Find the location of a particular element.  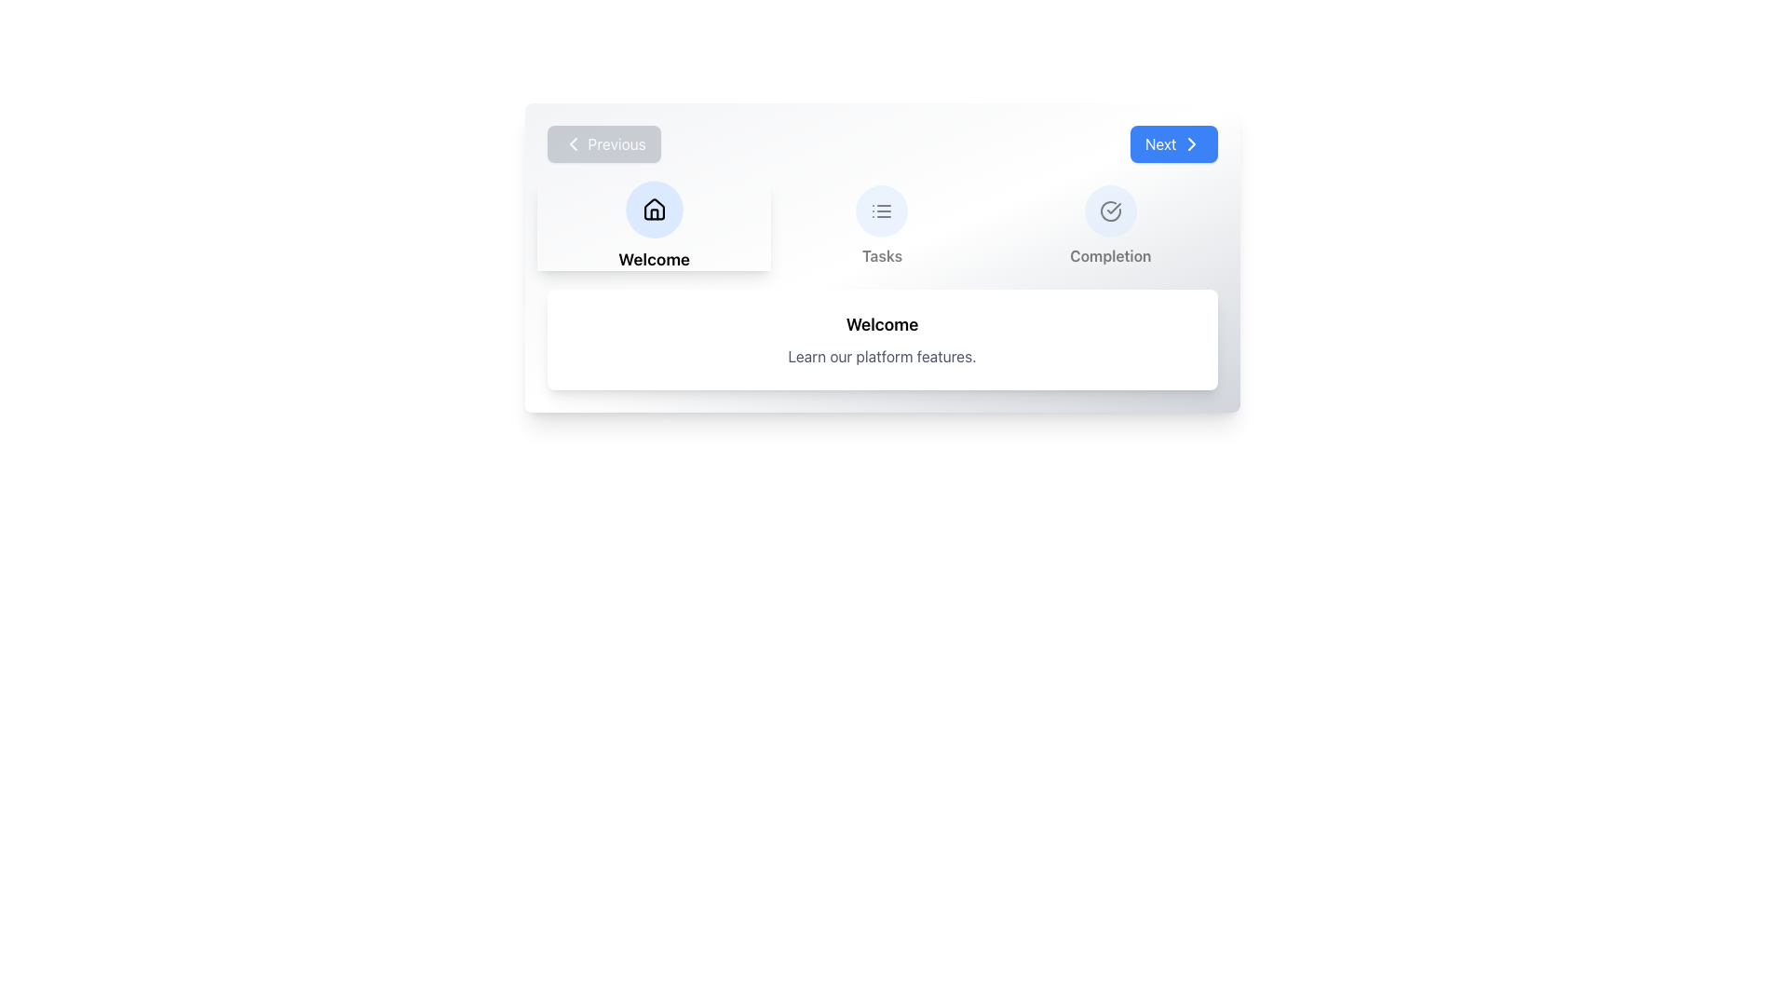

the 'Home' button icon located in the top-left navigation menu is located at coordinates (653, 208).